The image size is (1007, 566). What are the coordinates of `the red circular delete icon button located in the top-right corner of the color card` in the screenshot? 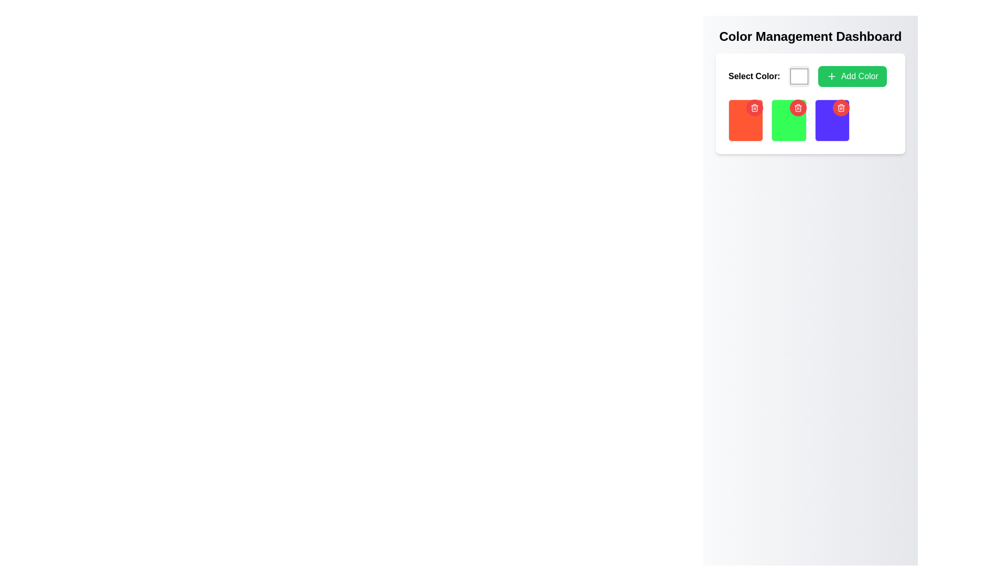 It's located at (797, 107).